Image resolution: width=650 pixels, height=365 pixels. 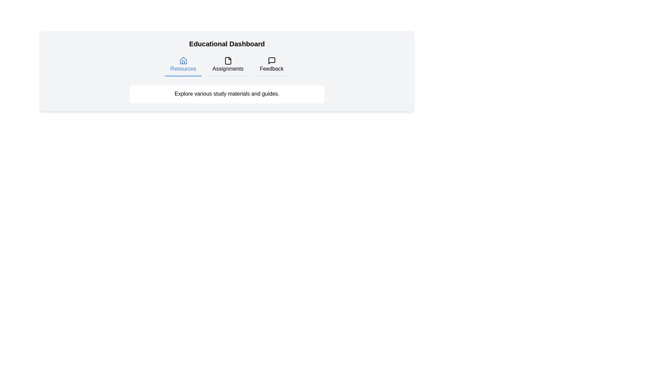 What do you see at coordinates (272, 69) in the screenshot?
I see `the 'Feedback' text label, which is the rightmost navigation option in the horizontal group below the 'Educational Dashboard' header` at bounding box center [272, 69].